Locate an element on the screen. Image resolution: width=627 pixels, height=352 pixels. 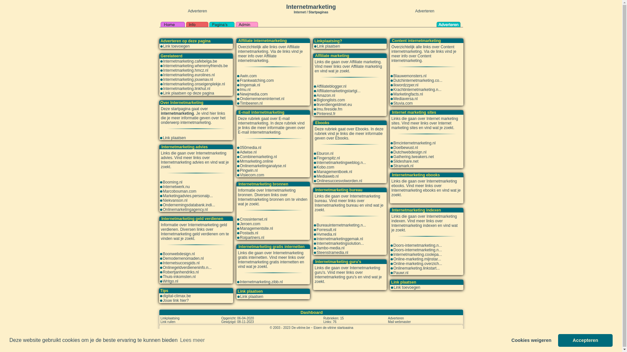
'Affiliatemarketingstartgi...' is located at coordinates (339, 91).